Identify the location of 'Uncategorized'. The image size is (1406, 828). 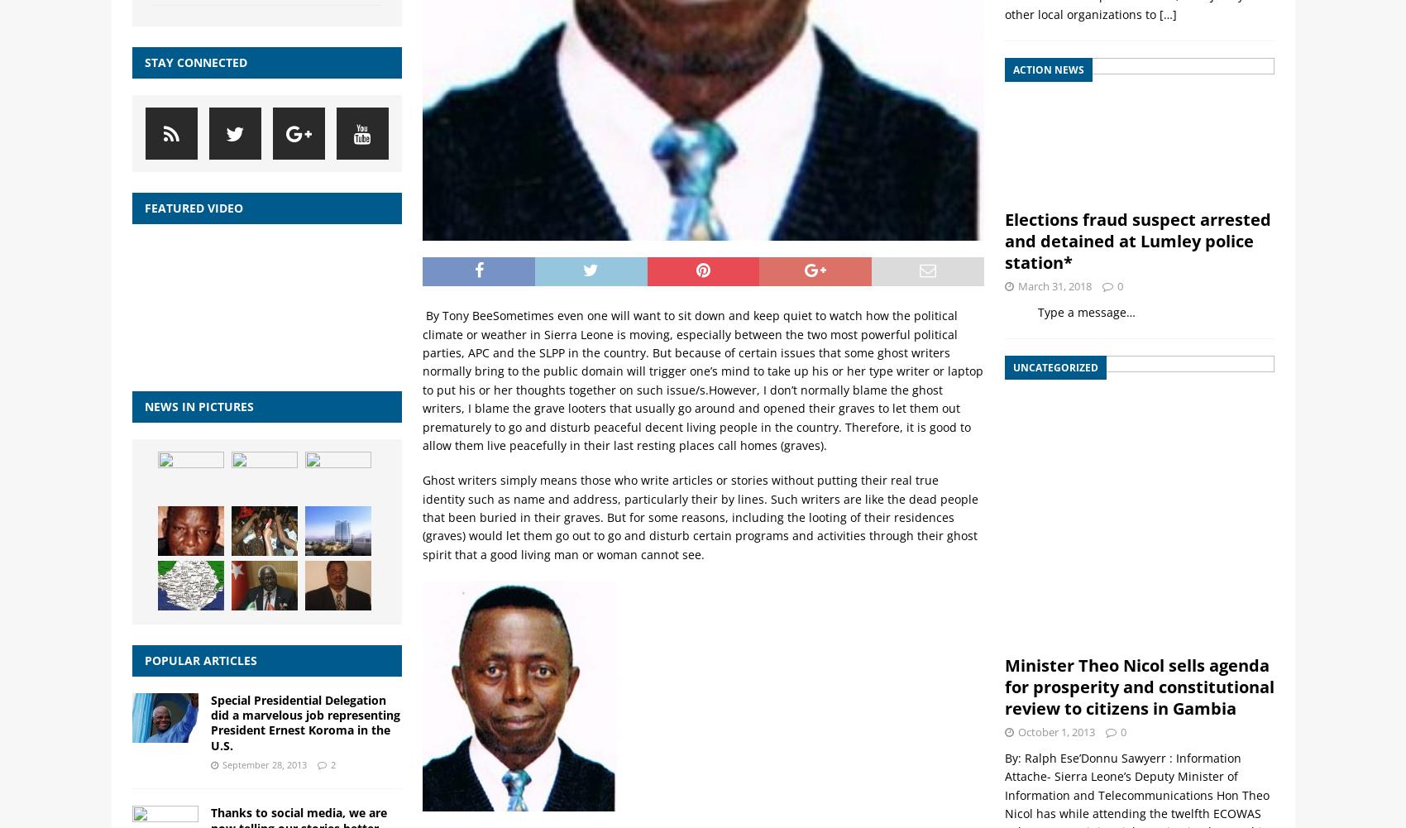
(1054, 367).